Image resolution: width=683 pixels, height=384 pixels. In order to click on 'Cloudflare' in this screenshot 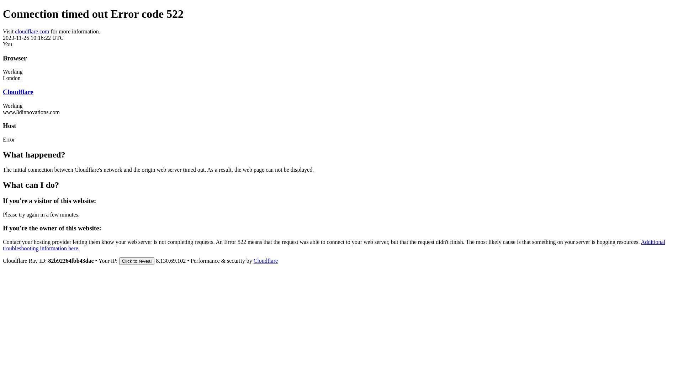, I will do `click(18, 91)`.